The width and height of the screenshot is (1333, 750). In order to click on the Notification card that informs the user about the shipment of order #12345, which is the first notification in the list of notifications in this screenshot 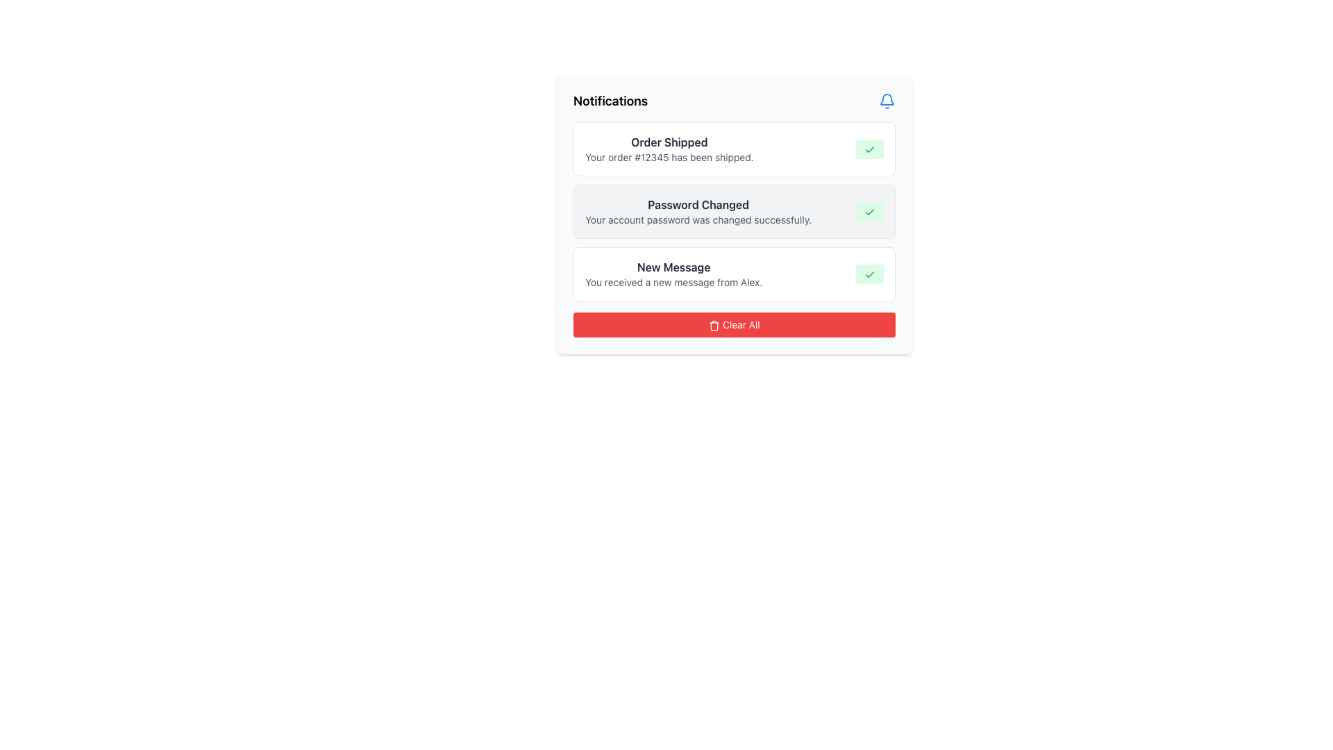, I will do `click(733, 149)`.